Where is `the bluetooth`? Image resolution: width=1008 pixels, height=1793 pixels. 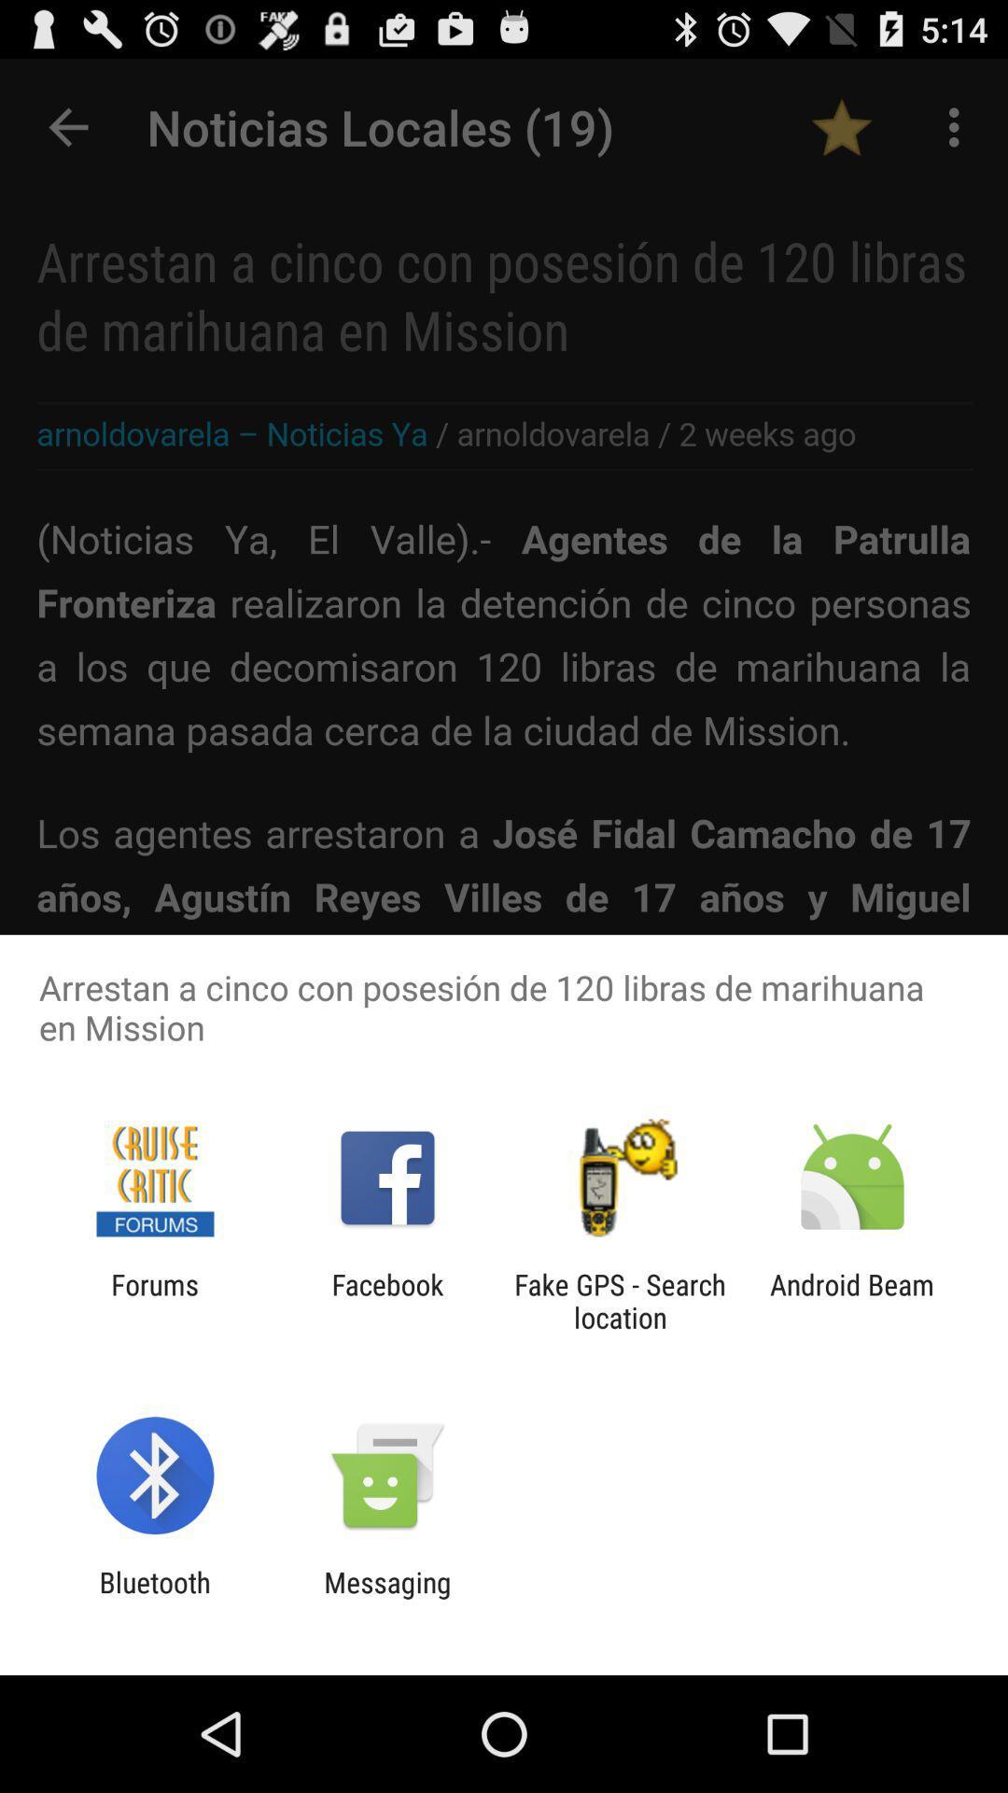 the bluetooth is located at coordinates (154, 1598).